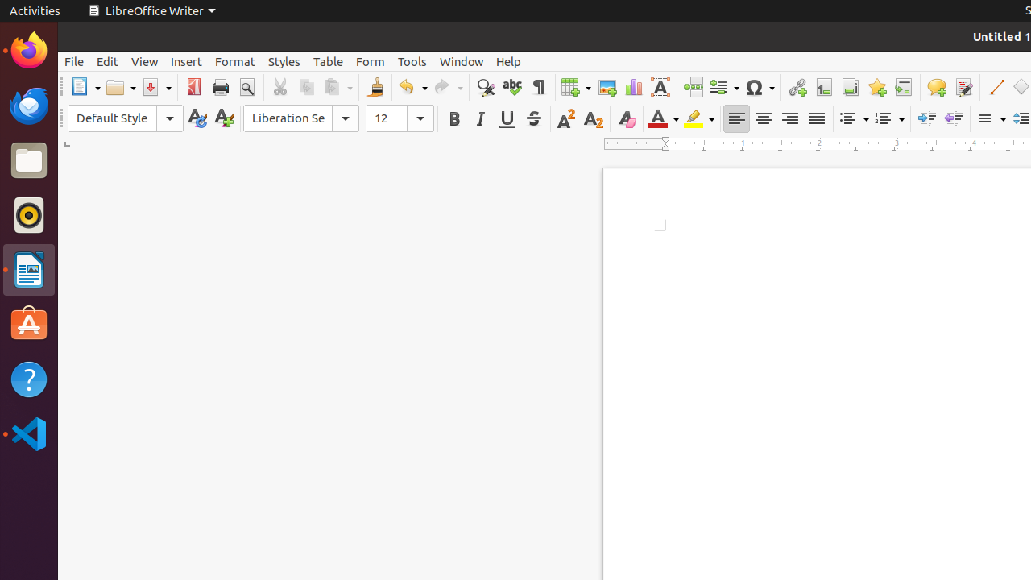 This screenshot has height=580, width=1031. Describe the element at coordinates (664, 118) in the screenshot. I see `'Font Color'` at that location.